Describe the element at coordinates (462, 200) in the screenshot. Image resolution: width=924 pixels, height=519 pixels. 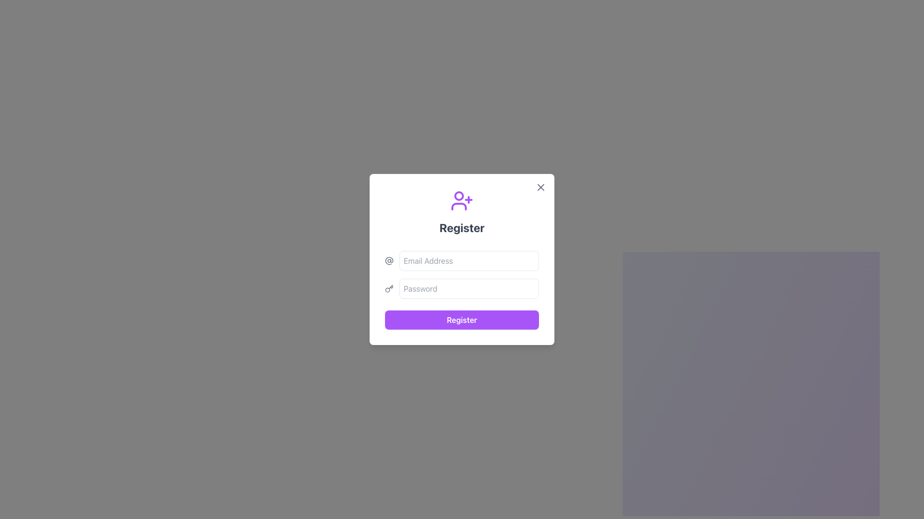
I see `the purple user icon with a plus sign located at the top of the registration form modal, just above the 'Register' text` at that location.